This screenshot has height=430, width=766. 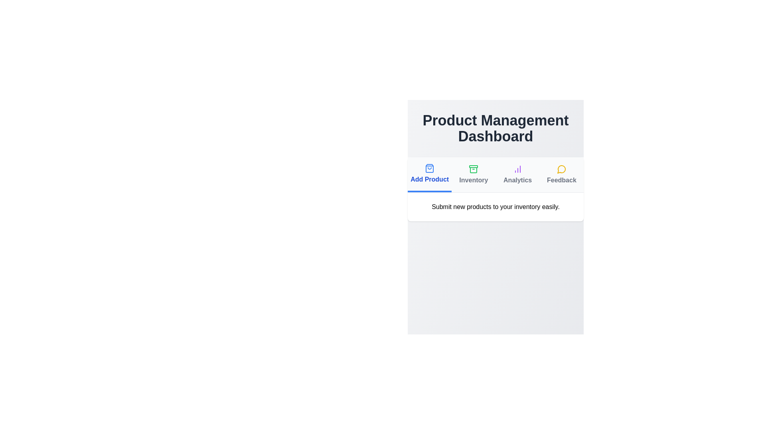 I want to click on the text element that says 'Submit new products to your inventory easily.' which is prominently displayed in a standard sans-serif font beneath the navigation tabs, so click(x=495, y=207).